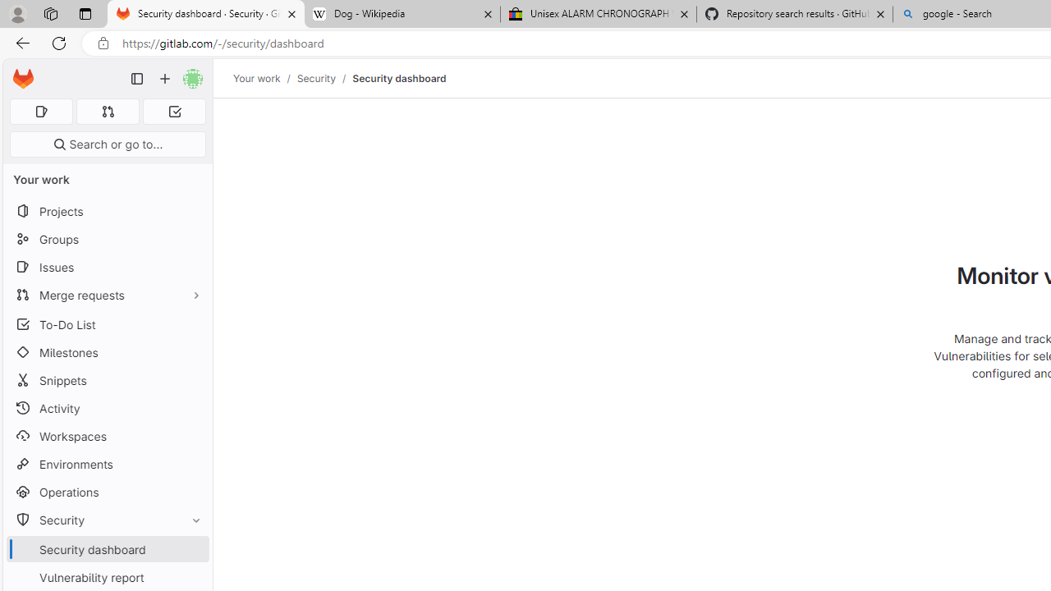  I want to click on 'Issues', so click(107, 266).